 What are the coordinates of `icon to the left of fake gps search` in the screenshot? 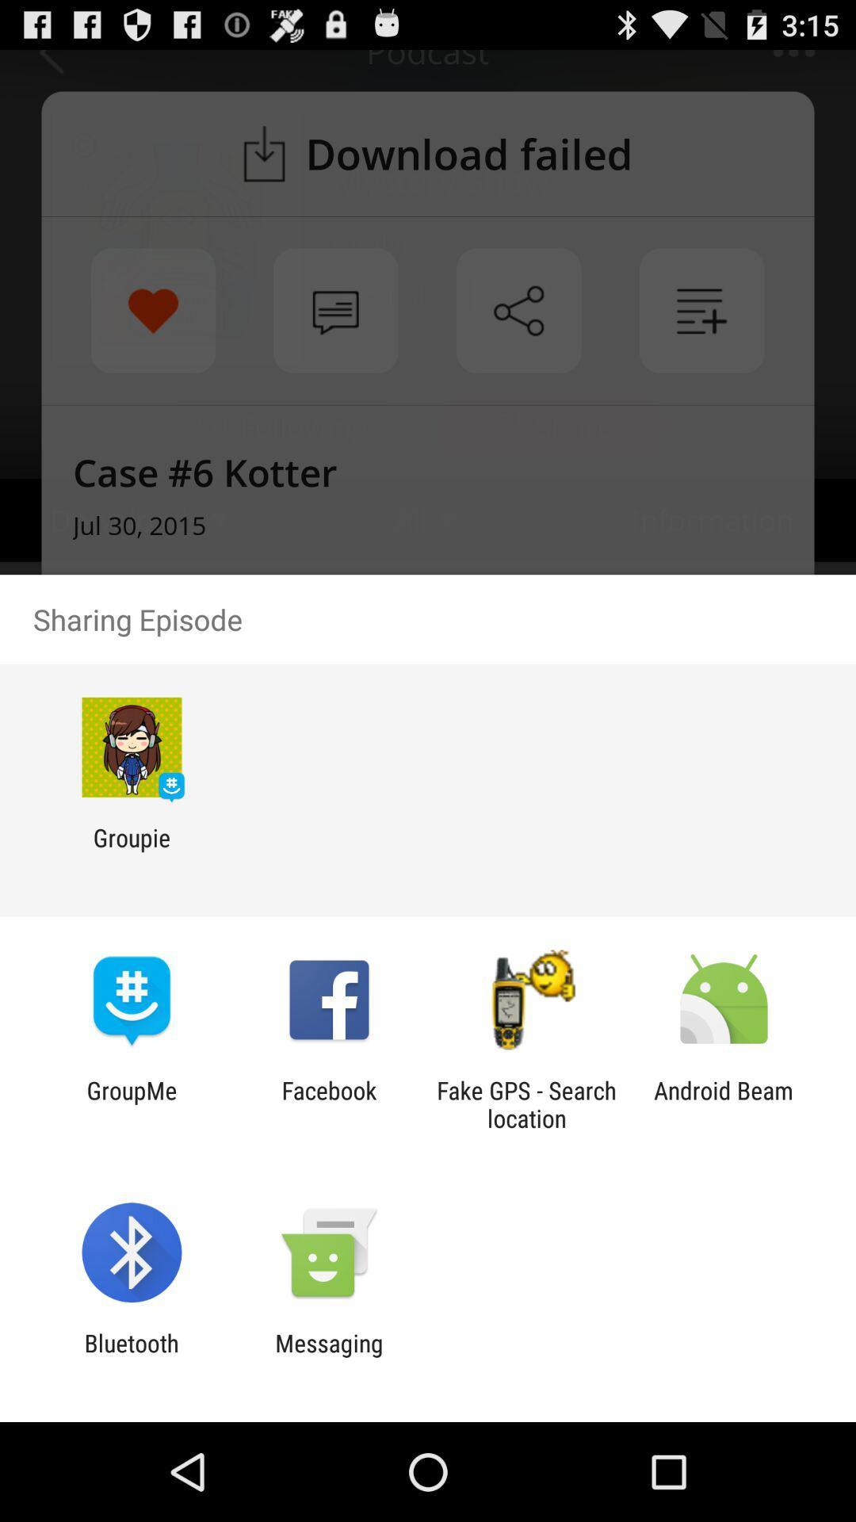 It's located at (328, 1103).